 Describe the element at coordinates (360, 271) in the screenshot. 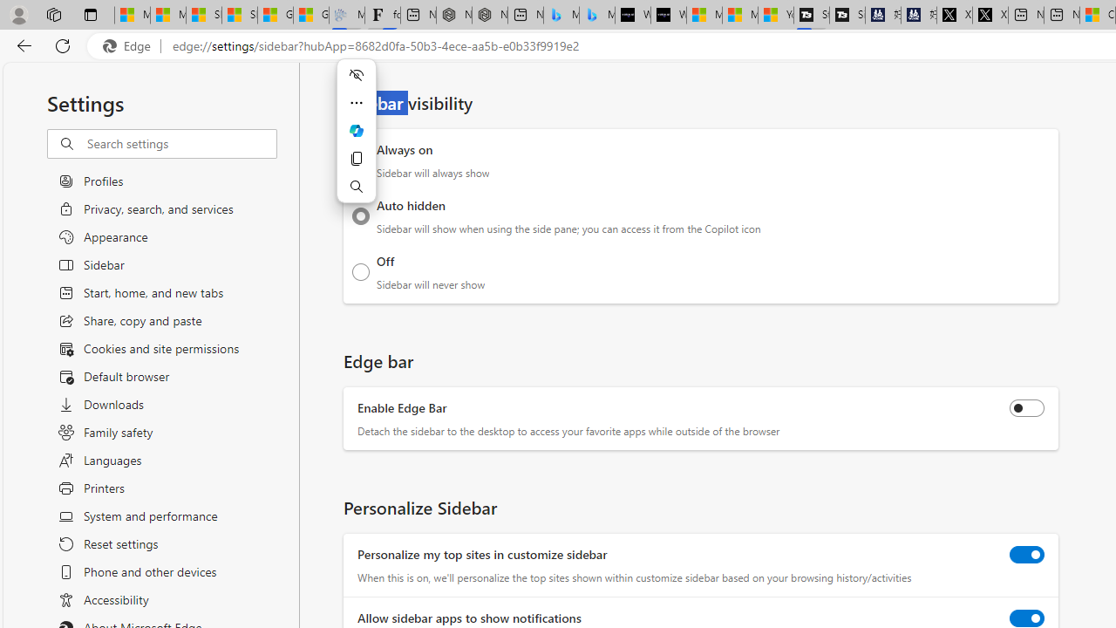

I see `'Off Sidebar will never show'` at that location.